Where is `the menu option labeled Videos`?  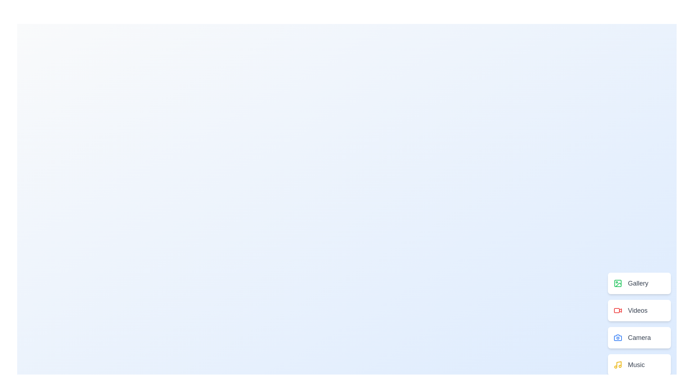 the menu option labeled Videos is located at coordinates (639, 310).